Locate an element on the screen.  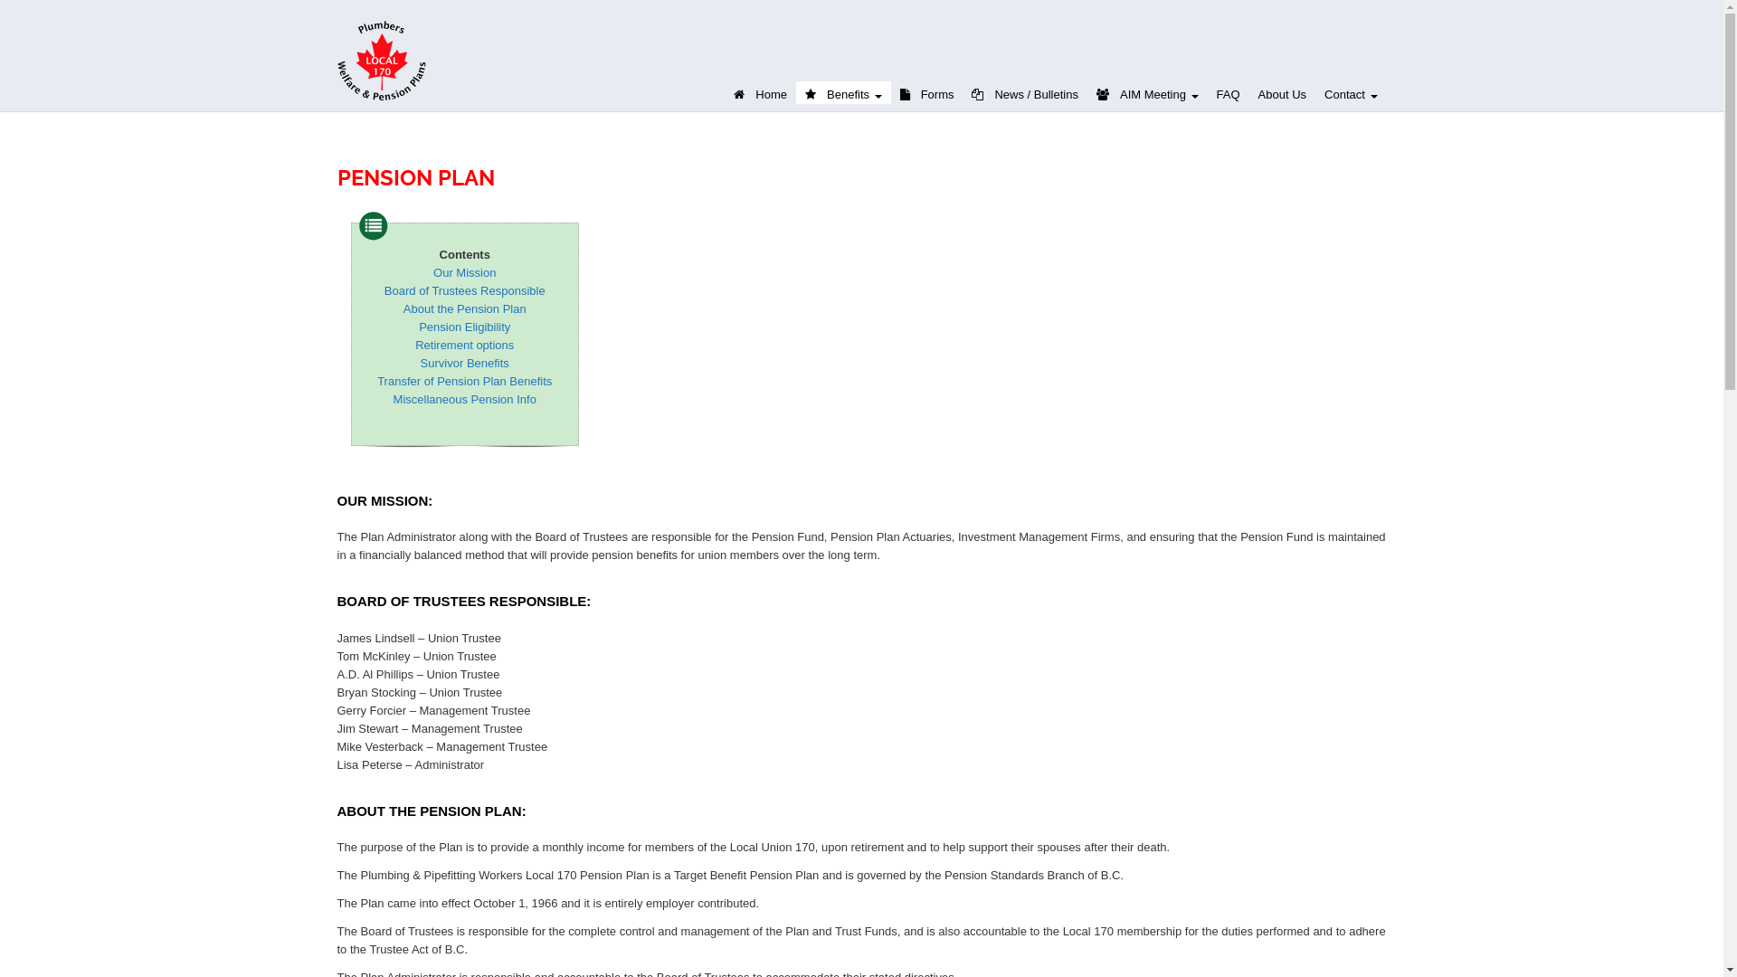
'Survivor Benefits' is located at coordinates (464, 363).